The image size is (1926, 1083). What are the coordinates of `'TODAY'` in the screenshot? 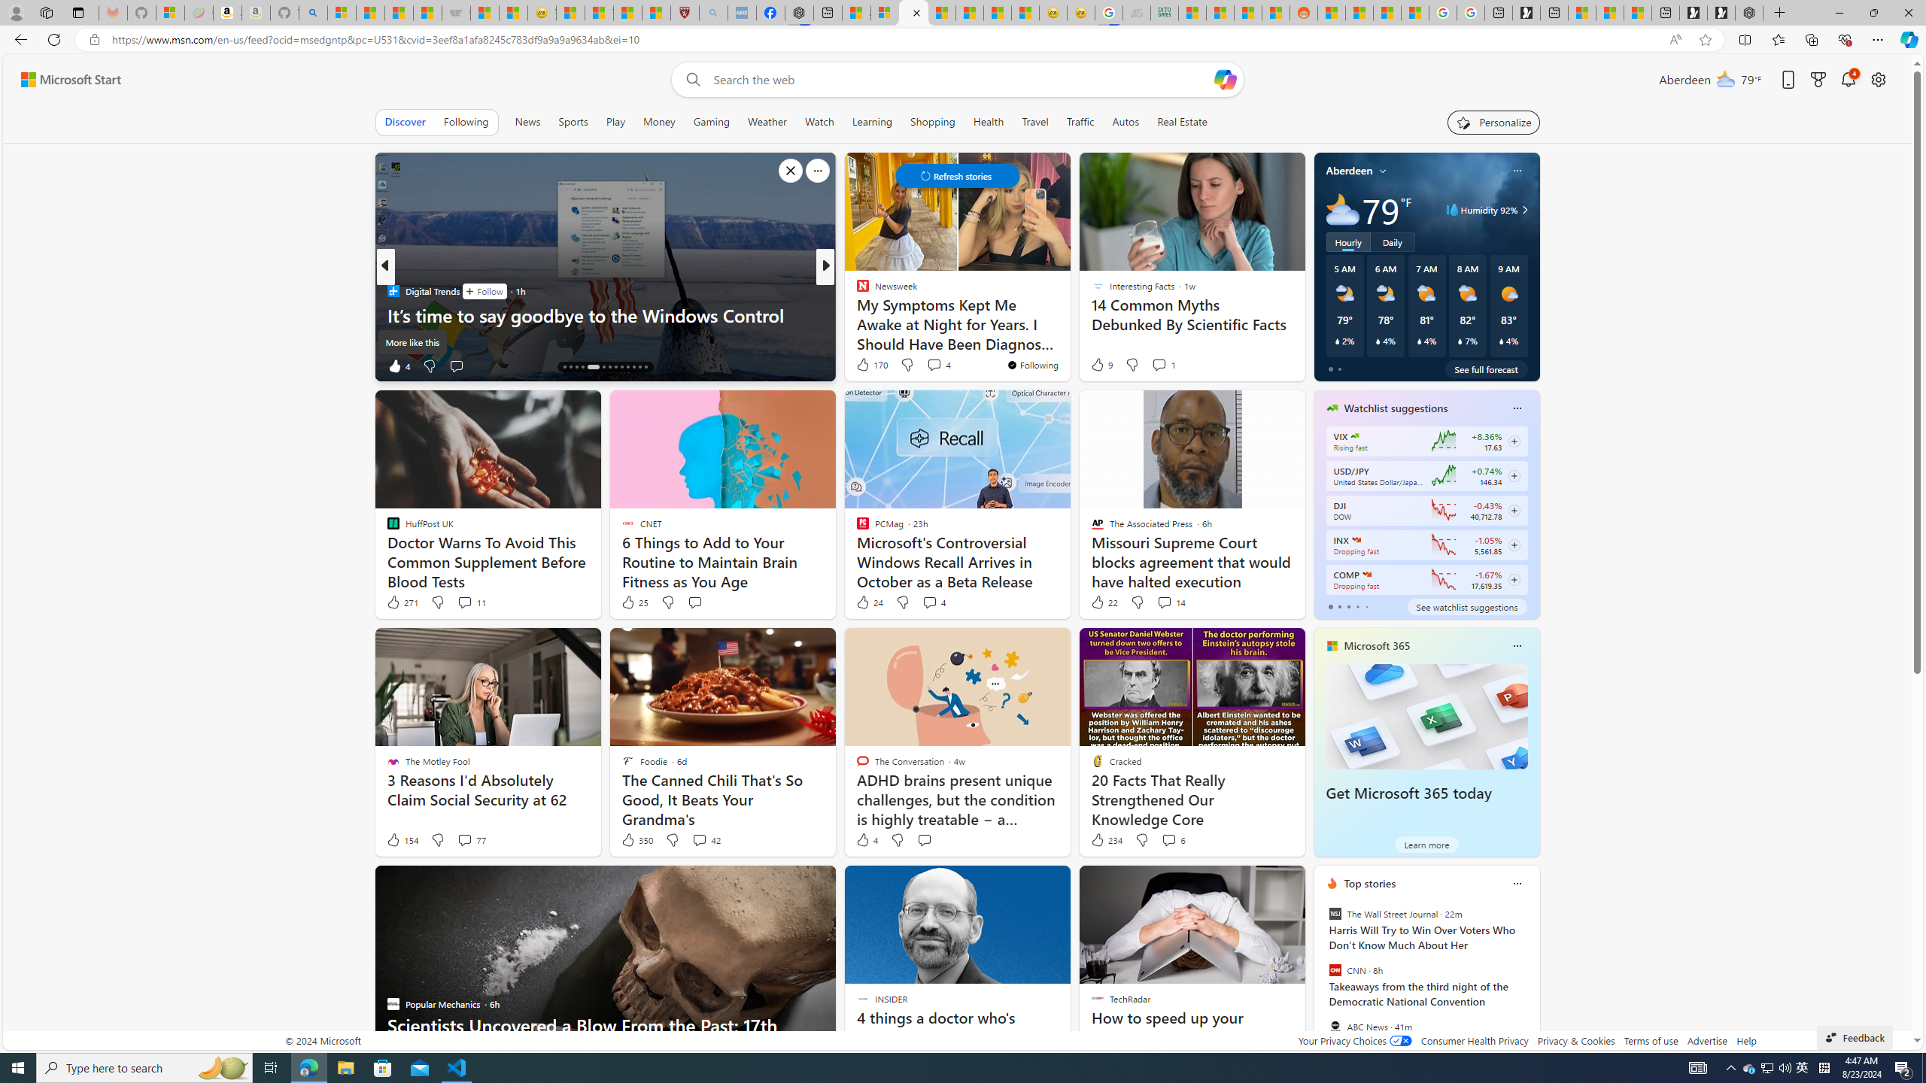 It's located at (855, 290).